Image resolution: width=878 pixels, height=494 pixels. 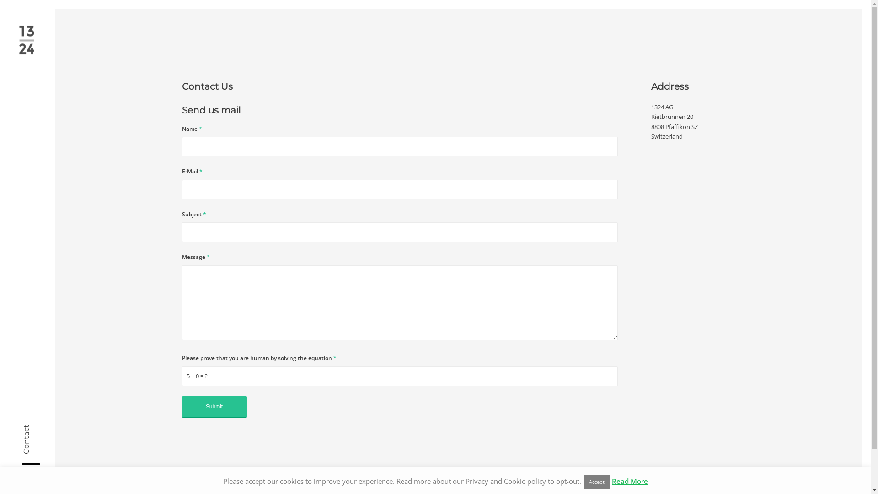 What do you see at coordinates (214, 406) in the screenshot?
I see `'Submit'` at bounding box center [214, 406].